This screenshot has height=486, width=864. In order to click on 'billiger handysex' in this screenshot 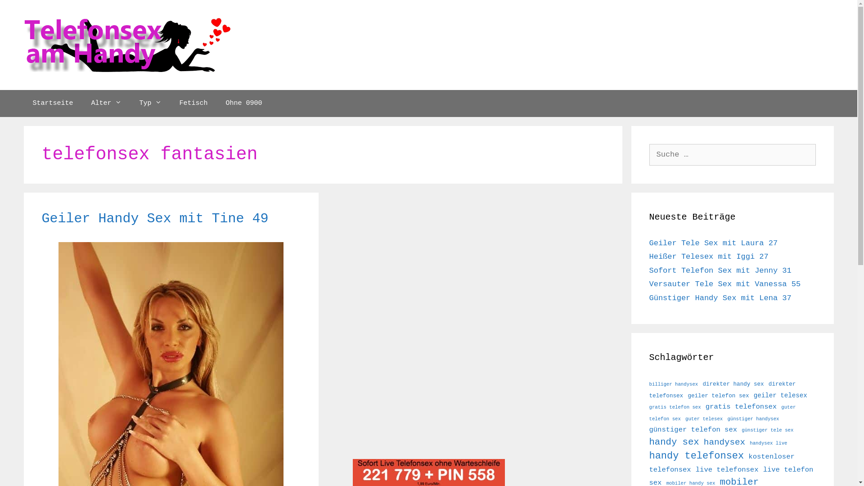, I will do `click(673, 384)`.